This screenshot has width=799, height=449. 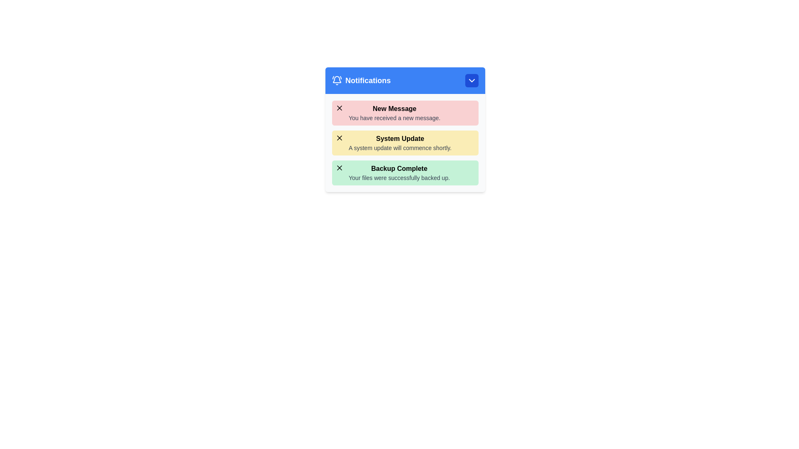 What do you see at coordinates (340, 137) in the screenshot?
I see `the dismiss icon within the 'System Update' notification card to mark the notification as closed` at bounding box center [340, 137].